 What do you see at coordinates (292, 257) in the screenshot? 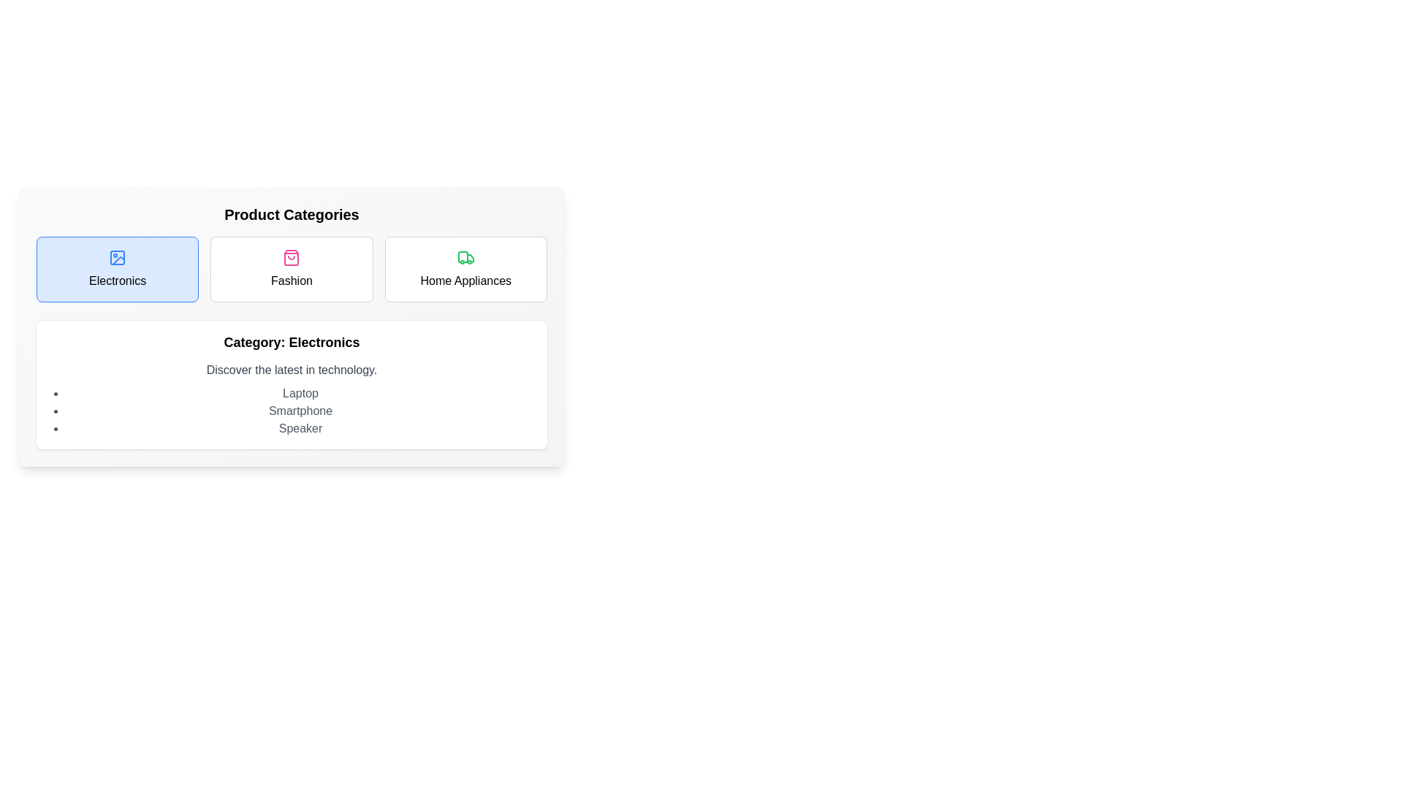
I see `the pink shopping bag icon representing the Fashion category, which is positioned centrally above the Fashion label` at bounding box center [292, 257].